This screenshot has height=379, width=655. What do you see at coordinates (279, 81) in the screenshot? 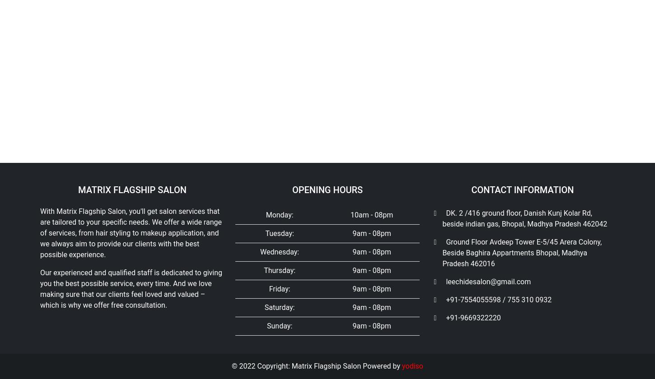
I see `'Saturday:'` at bounding box center [279, 81].